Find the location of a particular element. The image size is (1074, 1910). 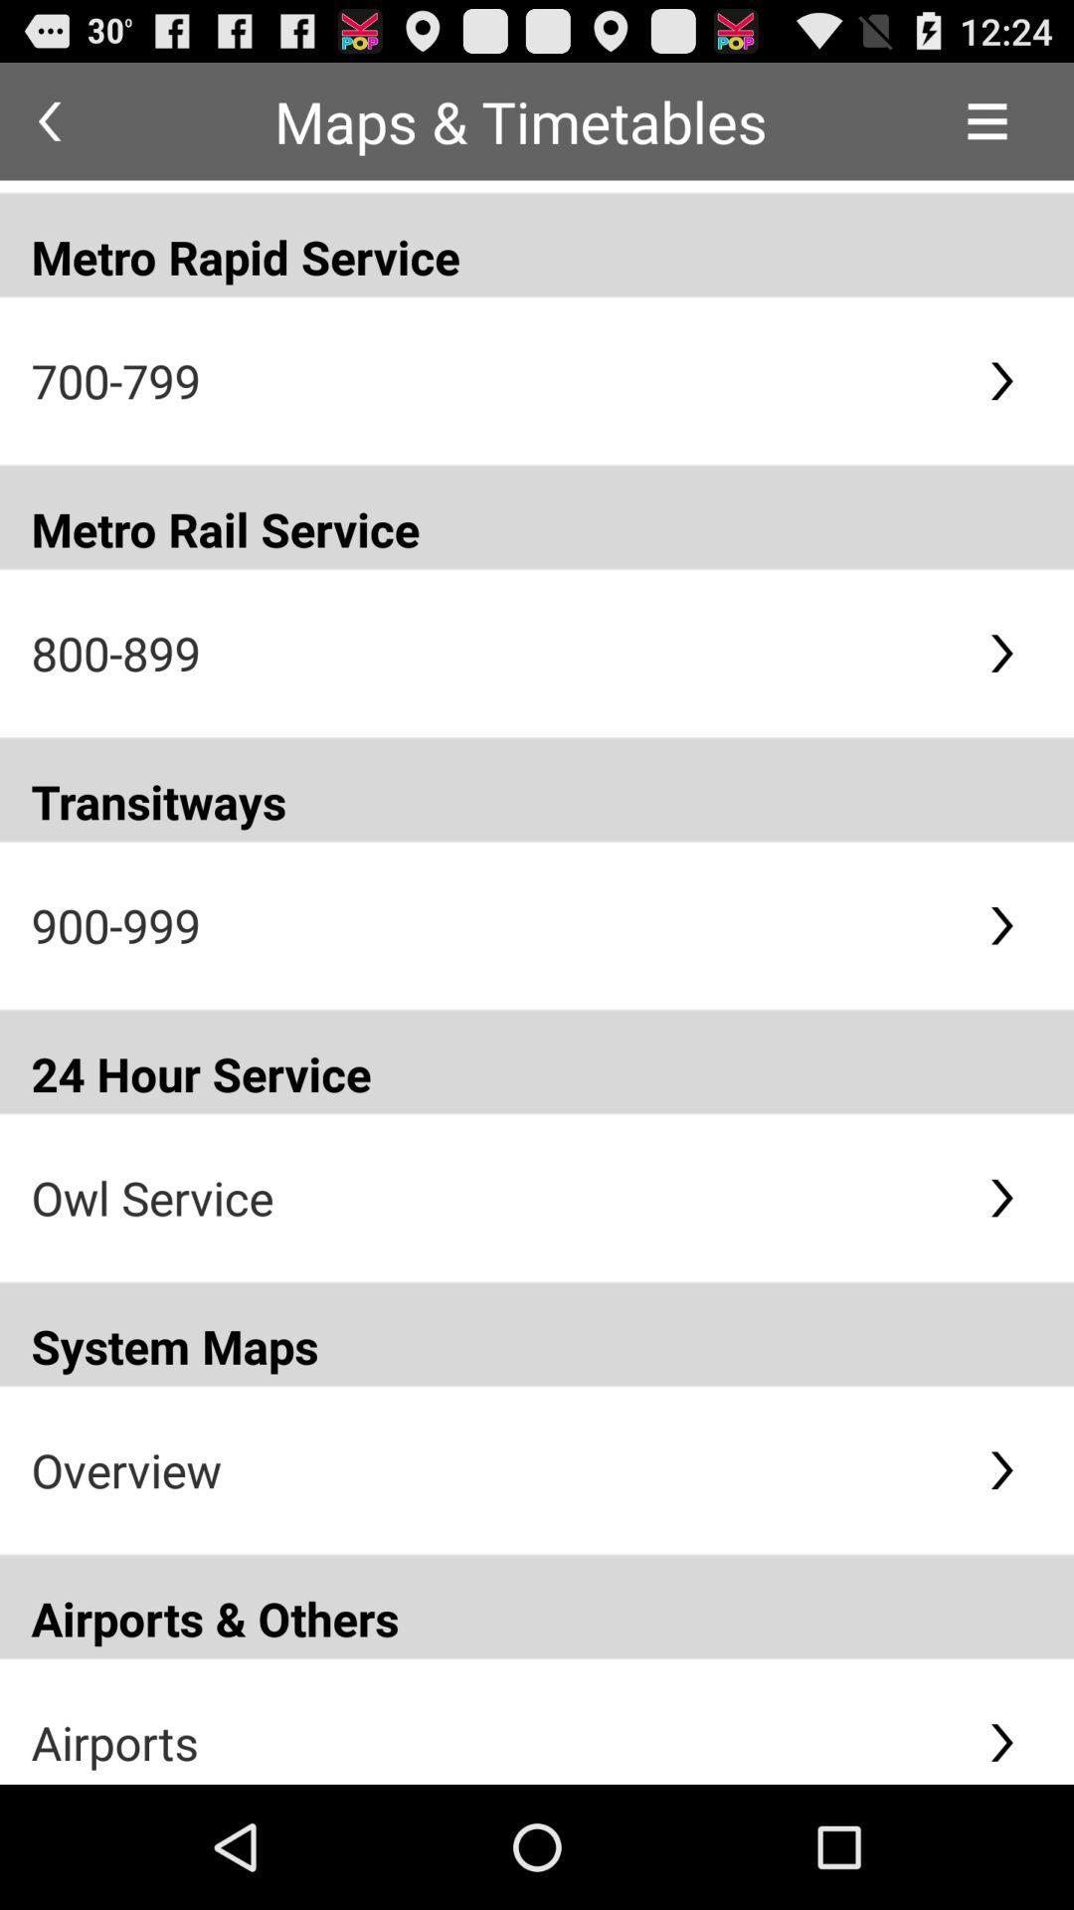

the 800-899 item is located at coordinates (492, 653).